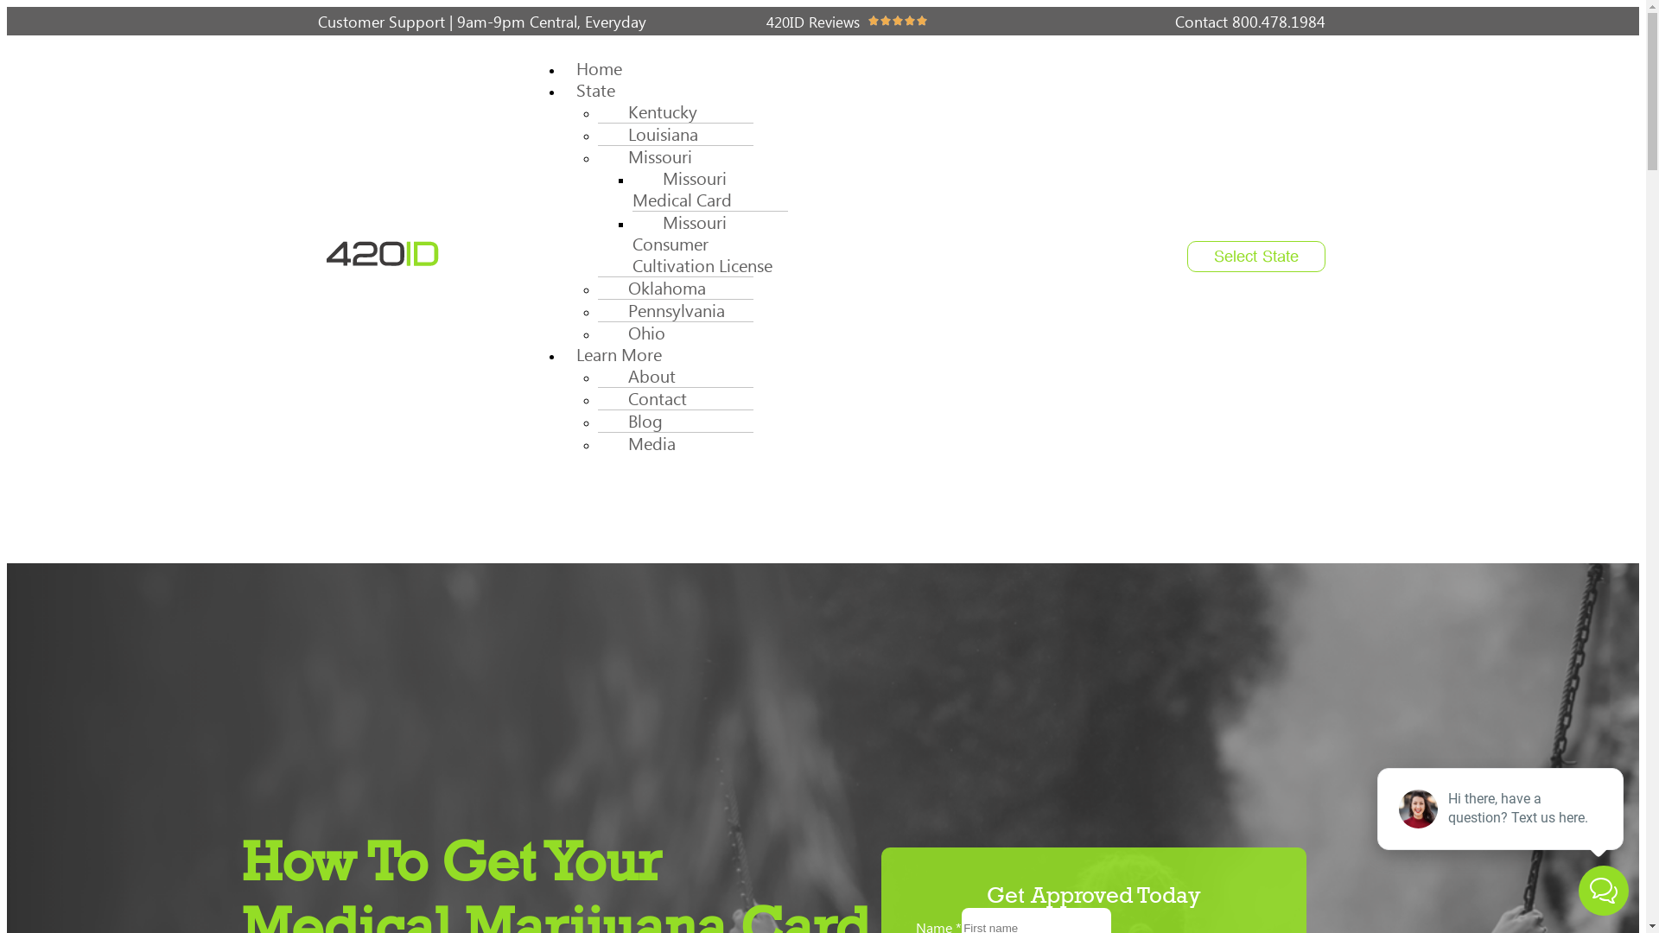 This screenshot has height=933, width=1659. I want to click on 'Ohio', so click(637, 333).